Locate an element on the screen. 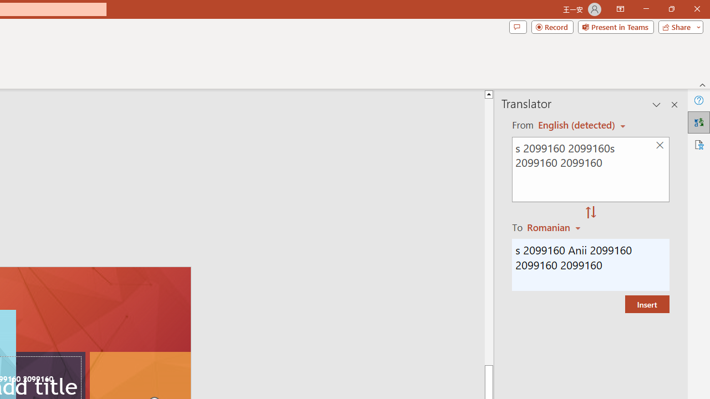 This screenshot has height=399, width=710. 'Romanian' is located at coordinates (555, 227).